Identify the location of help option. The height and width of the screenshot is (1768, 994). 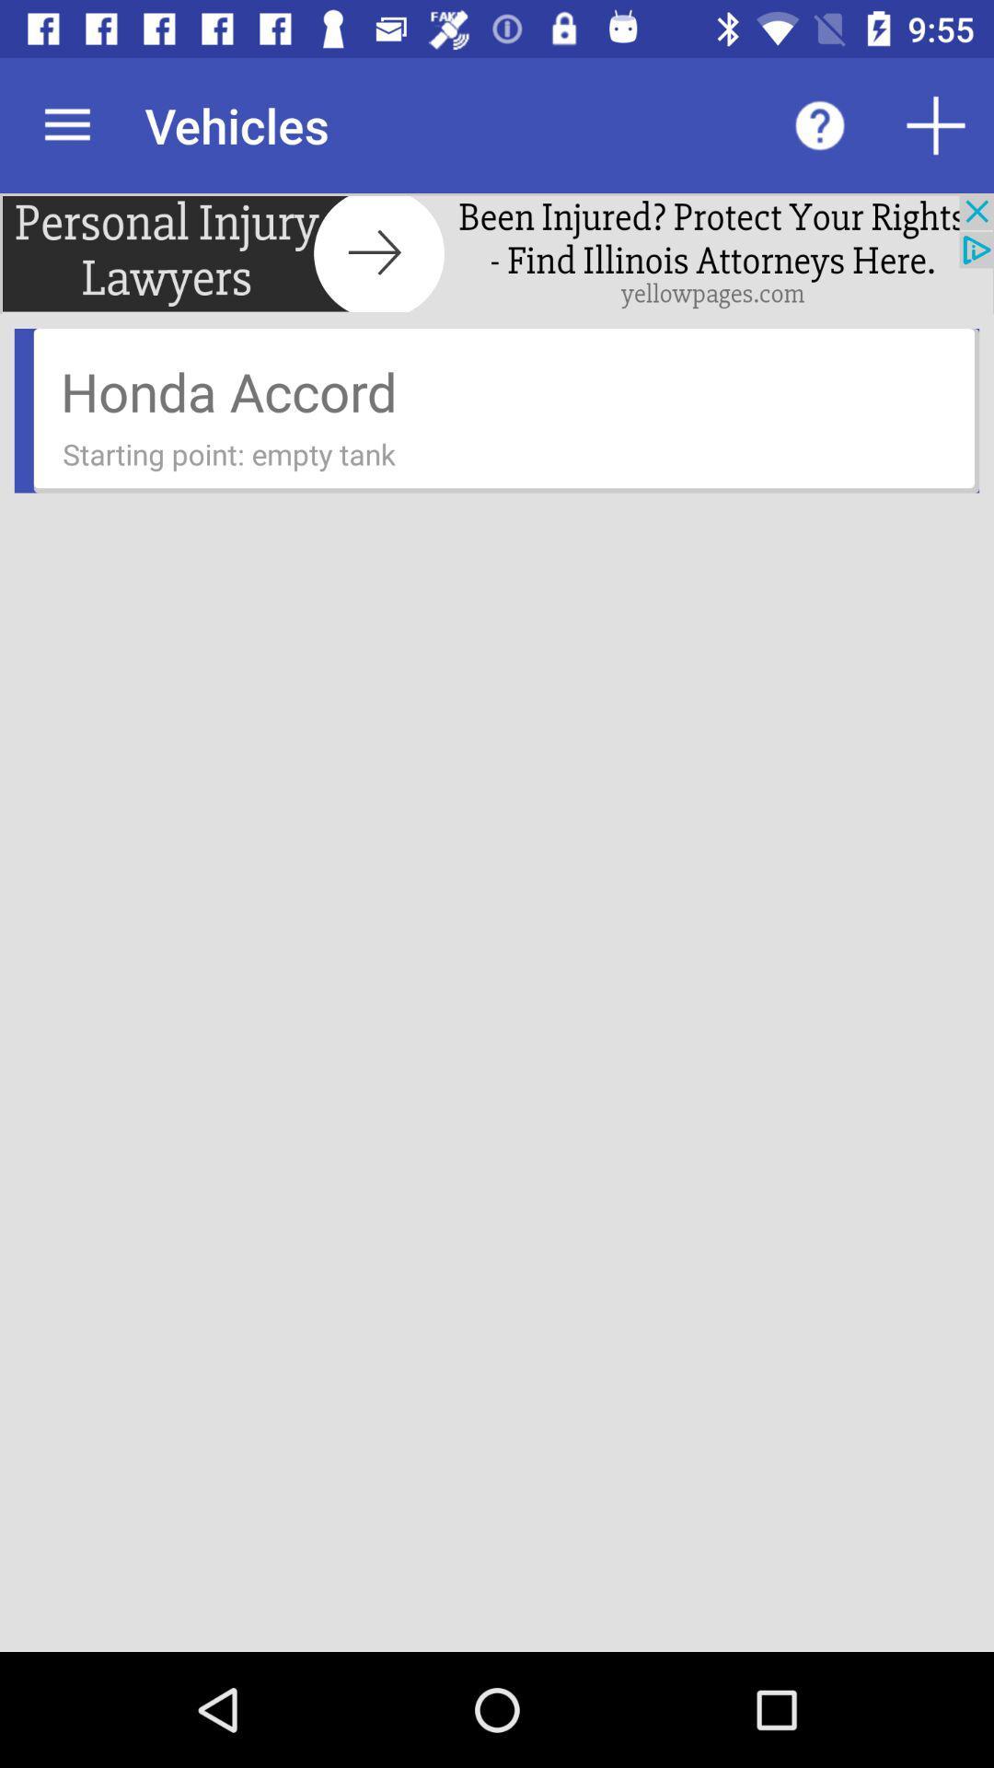
(819, 124).